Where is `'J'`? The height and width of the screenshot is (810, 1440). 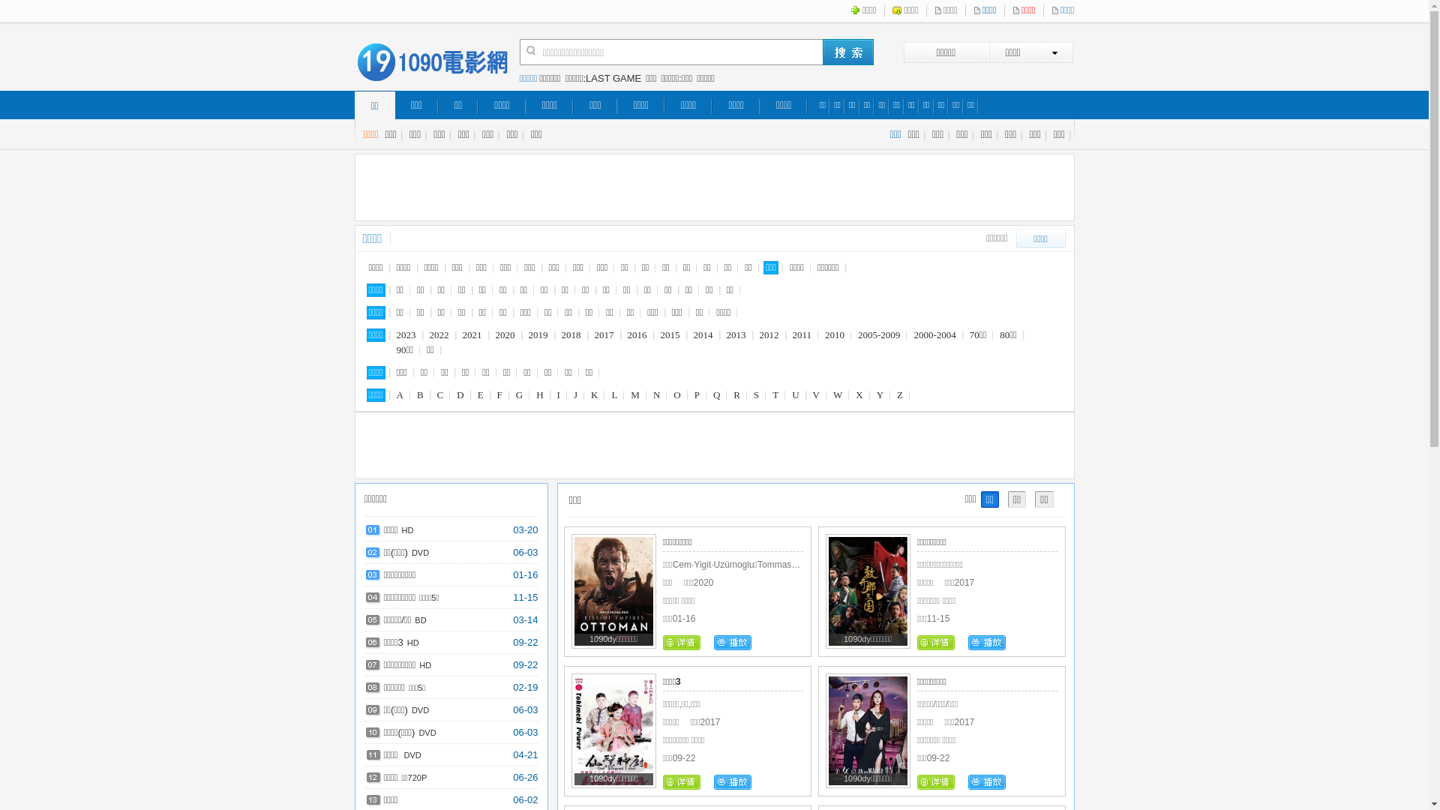
'J' is located at coordinates (574, 394).